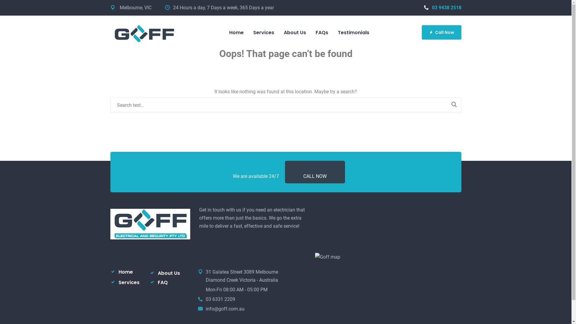 Image resolution: width=576 pixels, height=324 pixels. I want to click on 'Call Now', so click(442, 32).